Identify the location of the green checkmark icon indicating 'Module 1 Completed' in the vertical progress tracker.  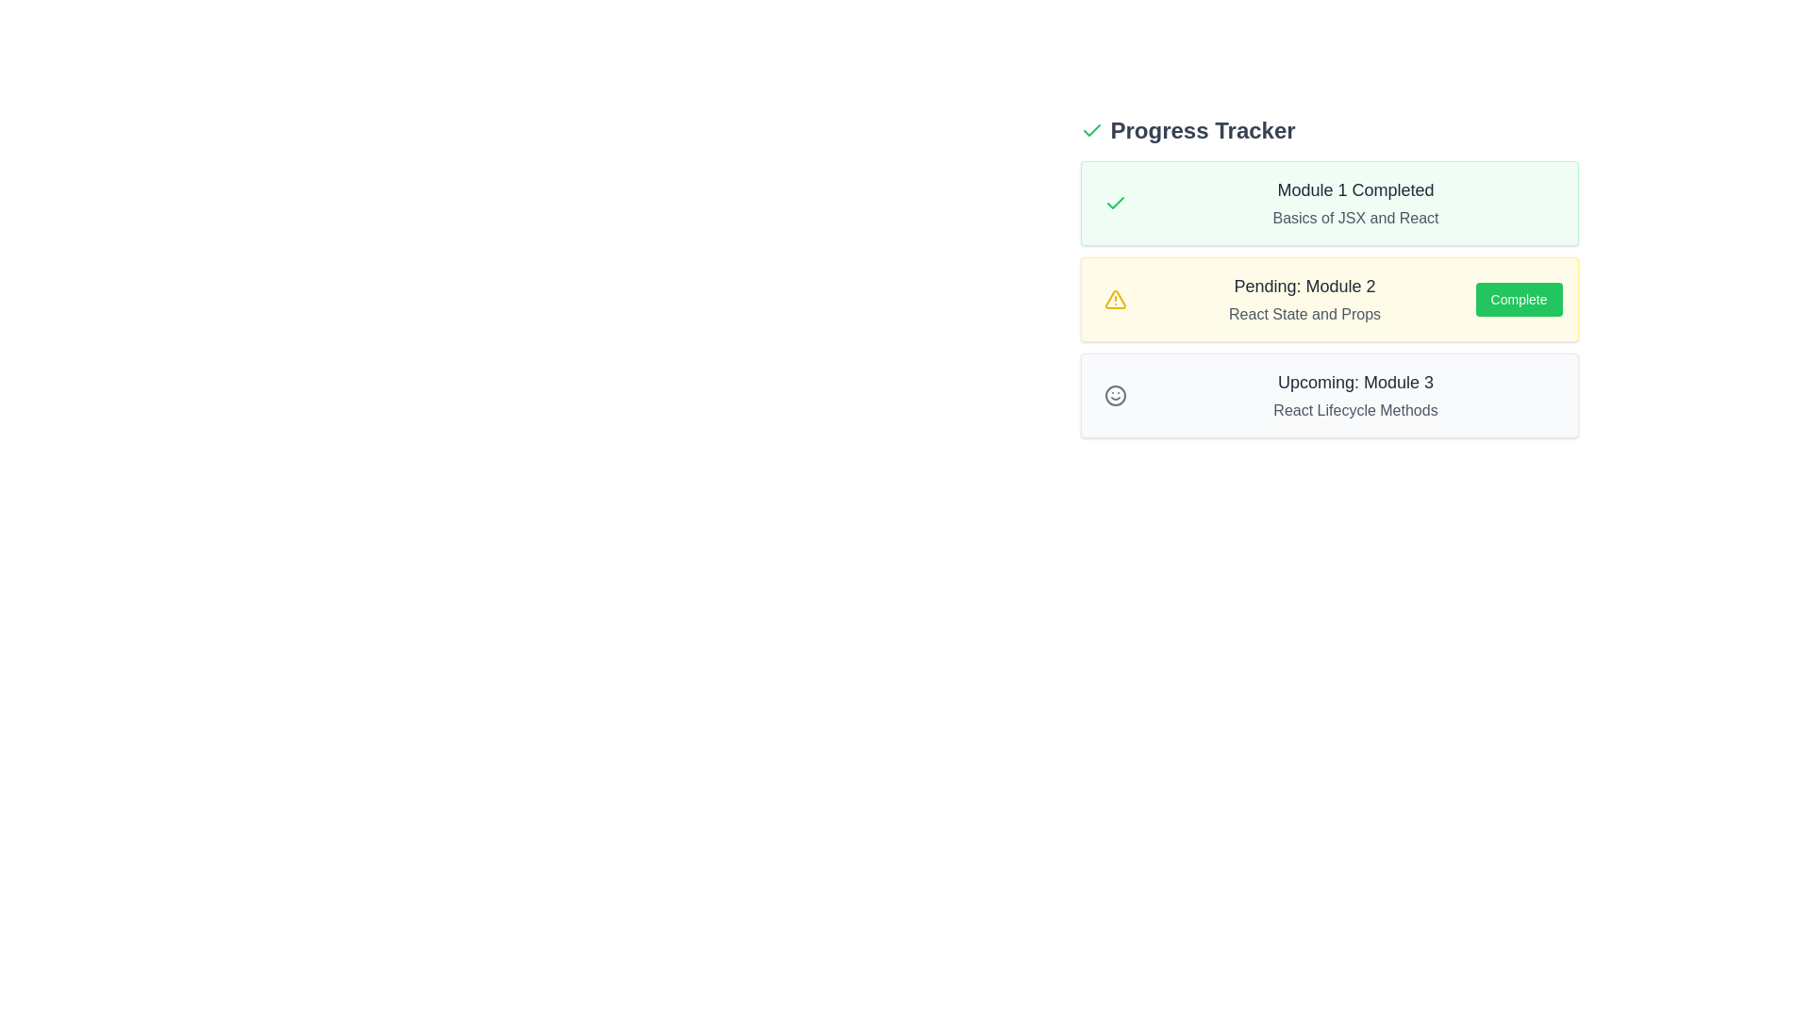
(1091, 129).